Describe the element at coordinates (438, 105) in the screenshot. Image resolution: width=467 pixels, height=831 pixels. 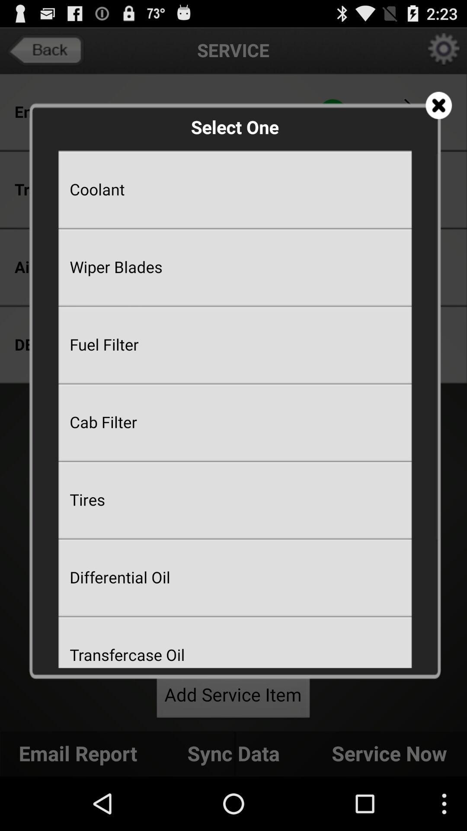
I see `the screen` at that location.